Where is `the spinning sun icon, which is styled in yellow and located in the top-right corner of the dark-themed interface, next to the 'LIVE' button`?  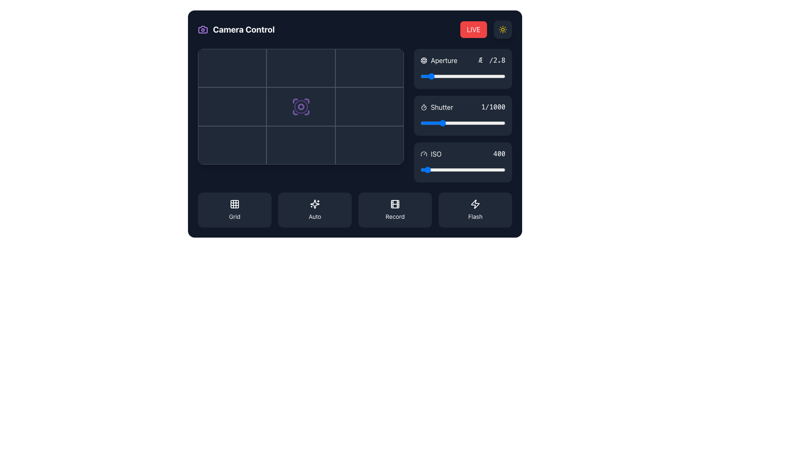
the spinning sun icon, which is styled in yellow and located in the top-right corner of the dark-themed interface, next to the 'LIVE' button is located at coordinates (503, 29).